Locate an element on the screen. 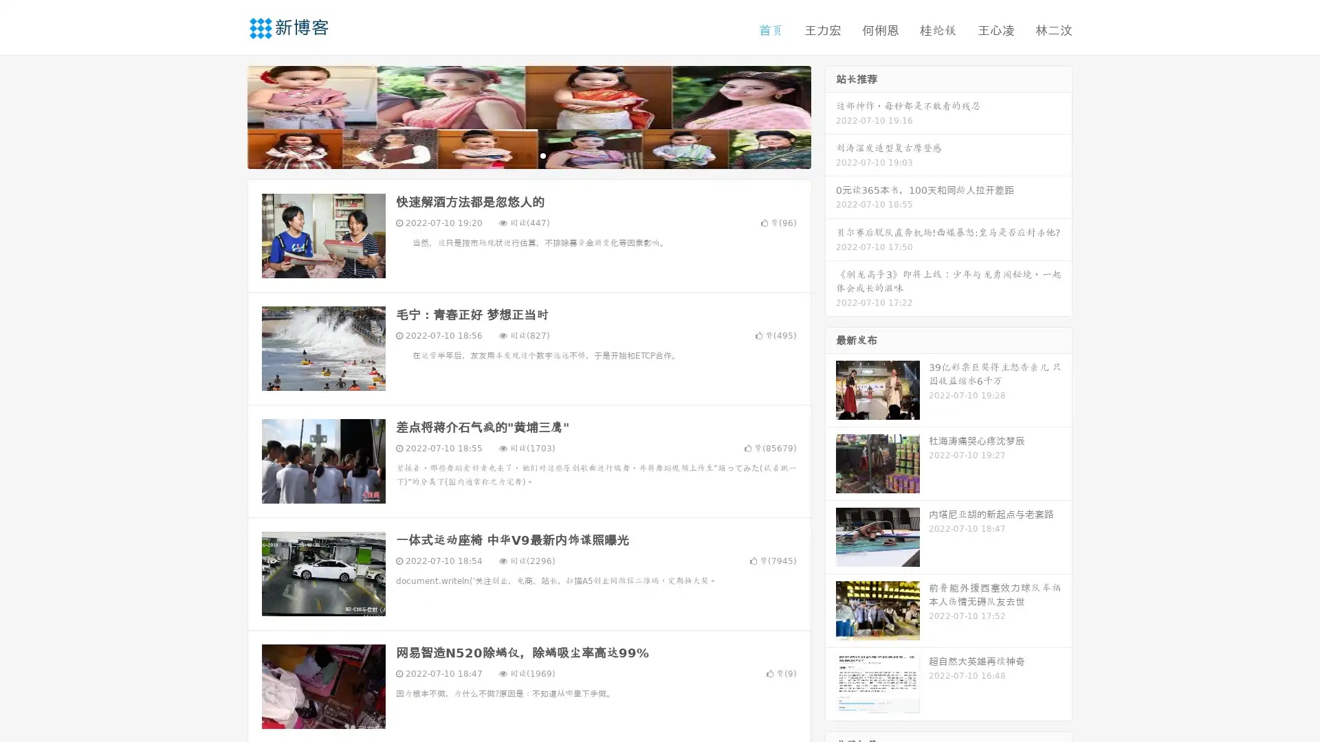 This screenshot has height=742, width=1320. Go to slide 2 is located at coordinates (528, 155).